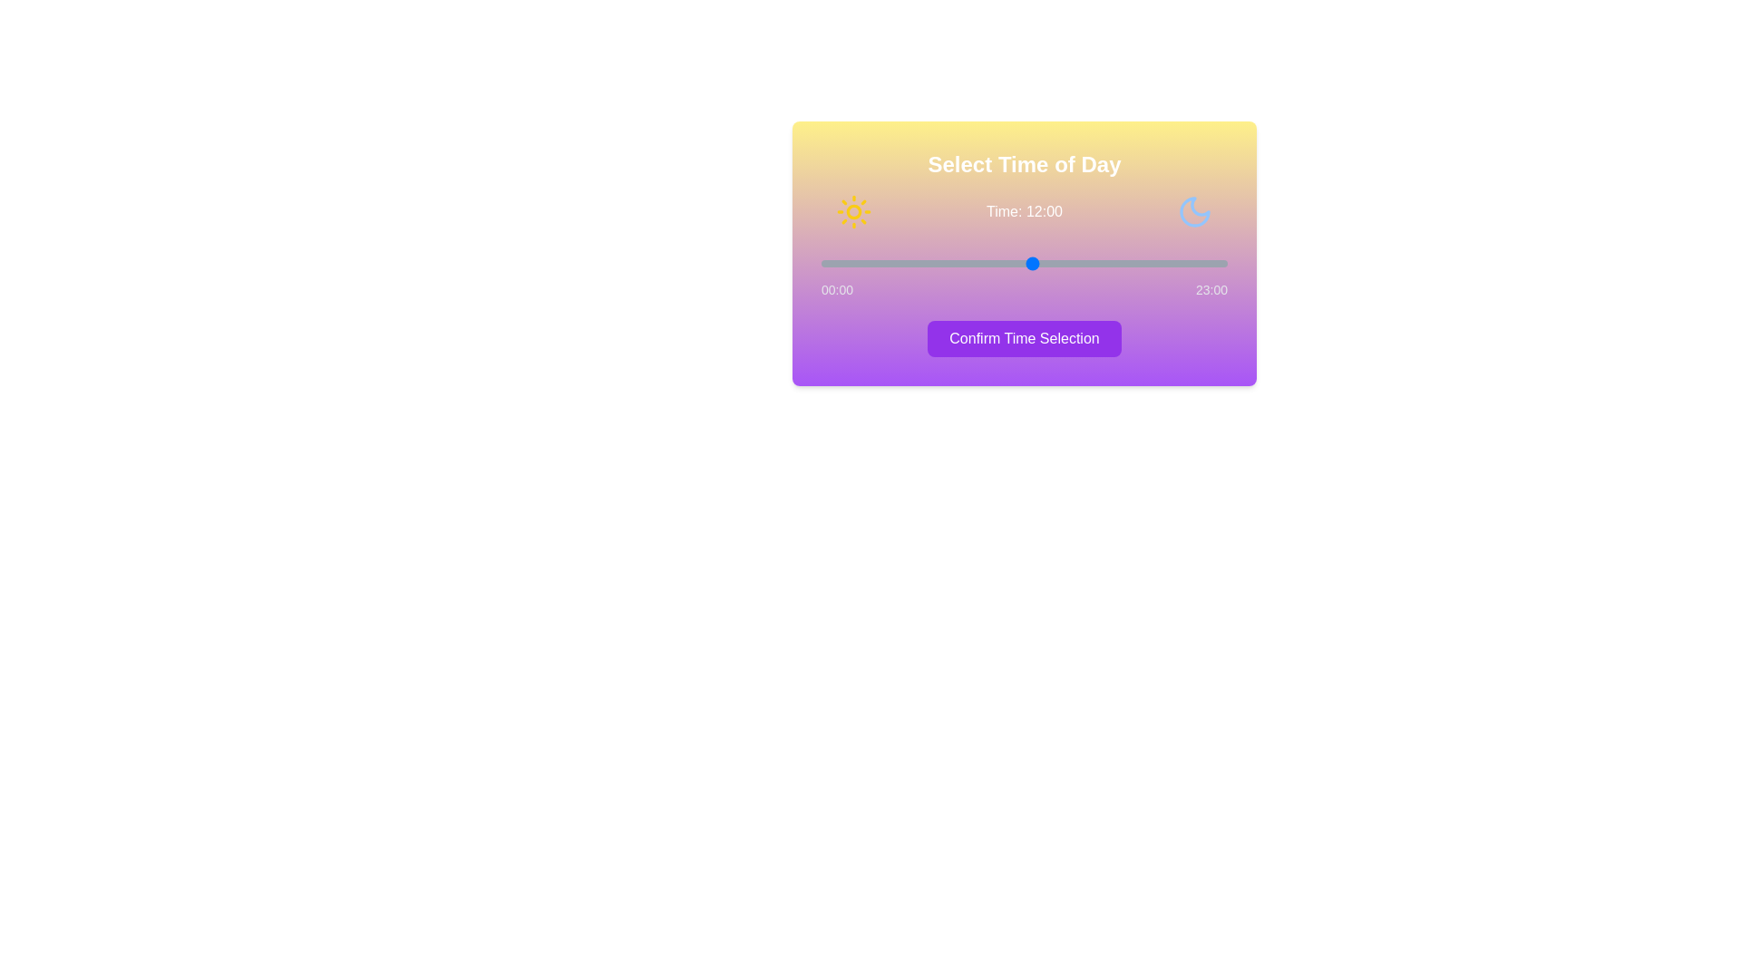  Describe the element at coordinates (838, 263) in the screenshot. I see `the time to 1 hour(s) by interacting with the slider` at that location.